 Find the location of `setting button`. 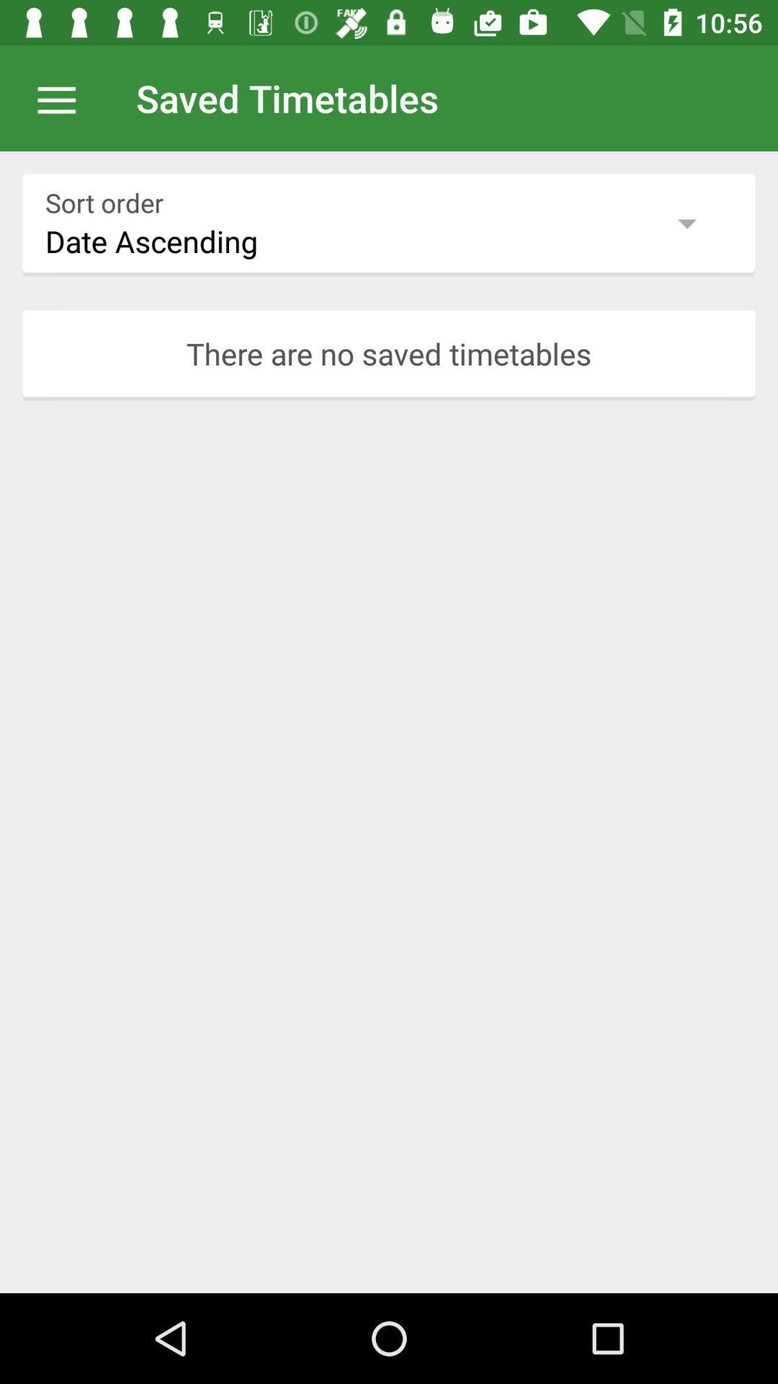

setting button is located at coordinates (63, 97).